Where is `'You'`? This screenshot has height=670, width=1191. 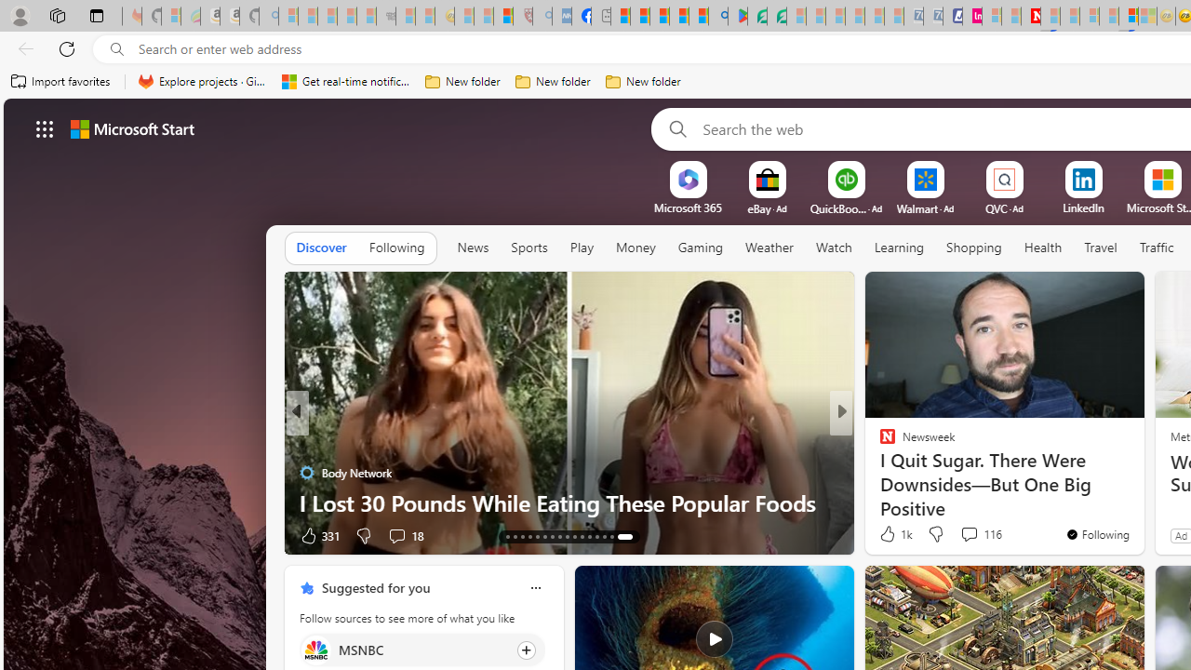
'You' is located at coordinates (1097, 533).